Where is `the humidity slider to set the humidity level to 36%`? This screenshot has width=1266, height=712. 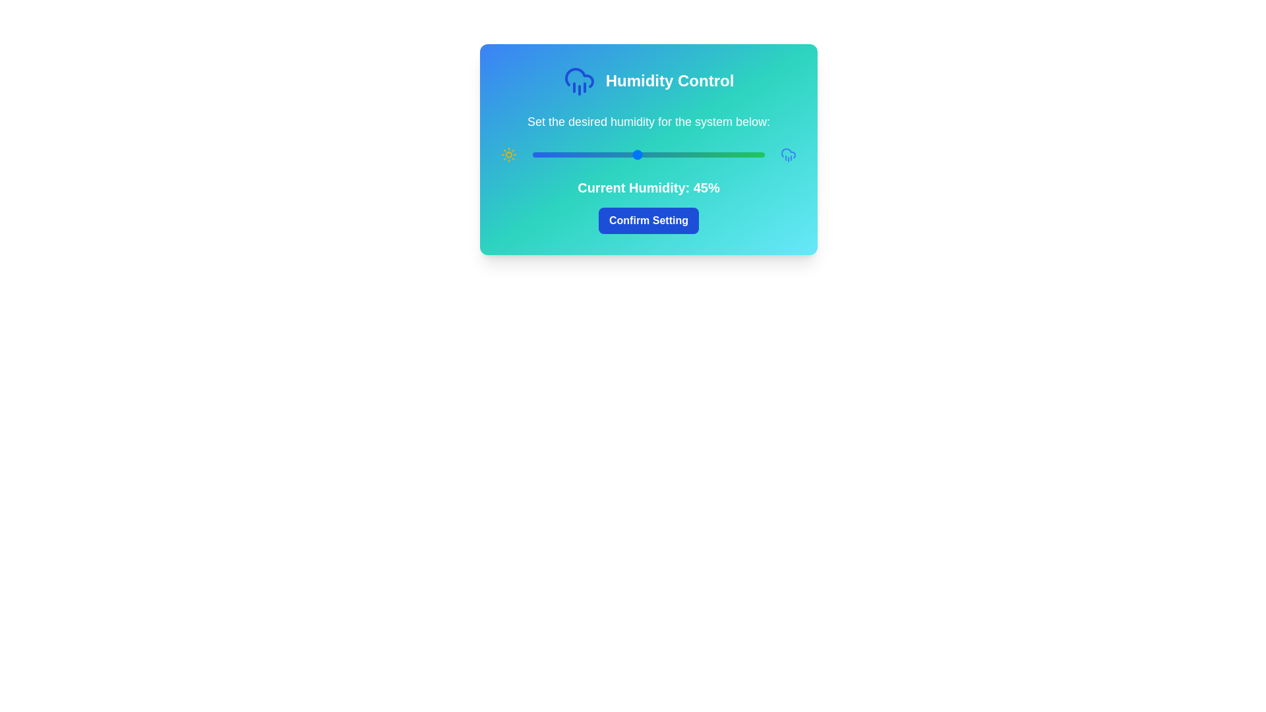 the humidity slider to set the humidity level to 36% is located at coordinates (615, 154).